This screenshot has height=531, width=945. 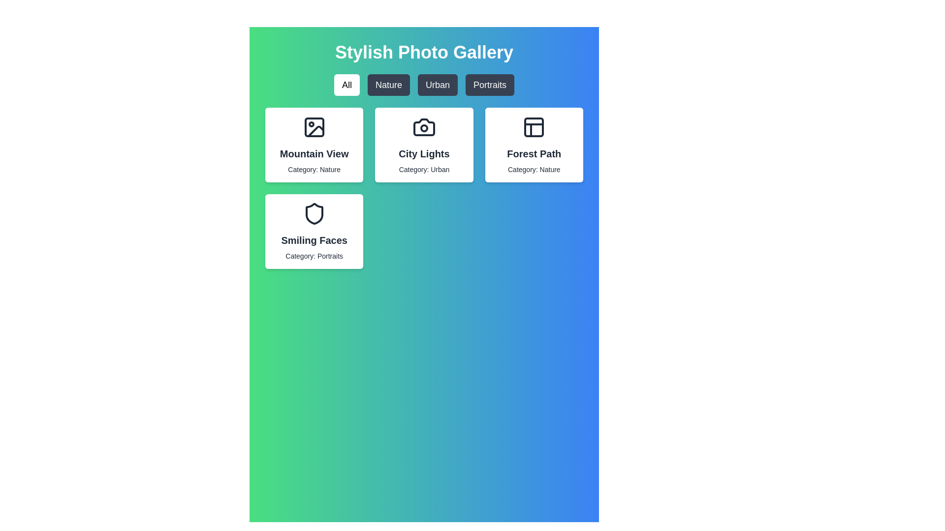 What do you see at coordinates (534, 153) in the screenshot?
I see `the title text element that describes the content of the card in the second row and third column of the grid layout` at bounding box center [534, 153].